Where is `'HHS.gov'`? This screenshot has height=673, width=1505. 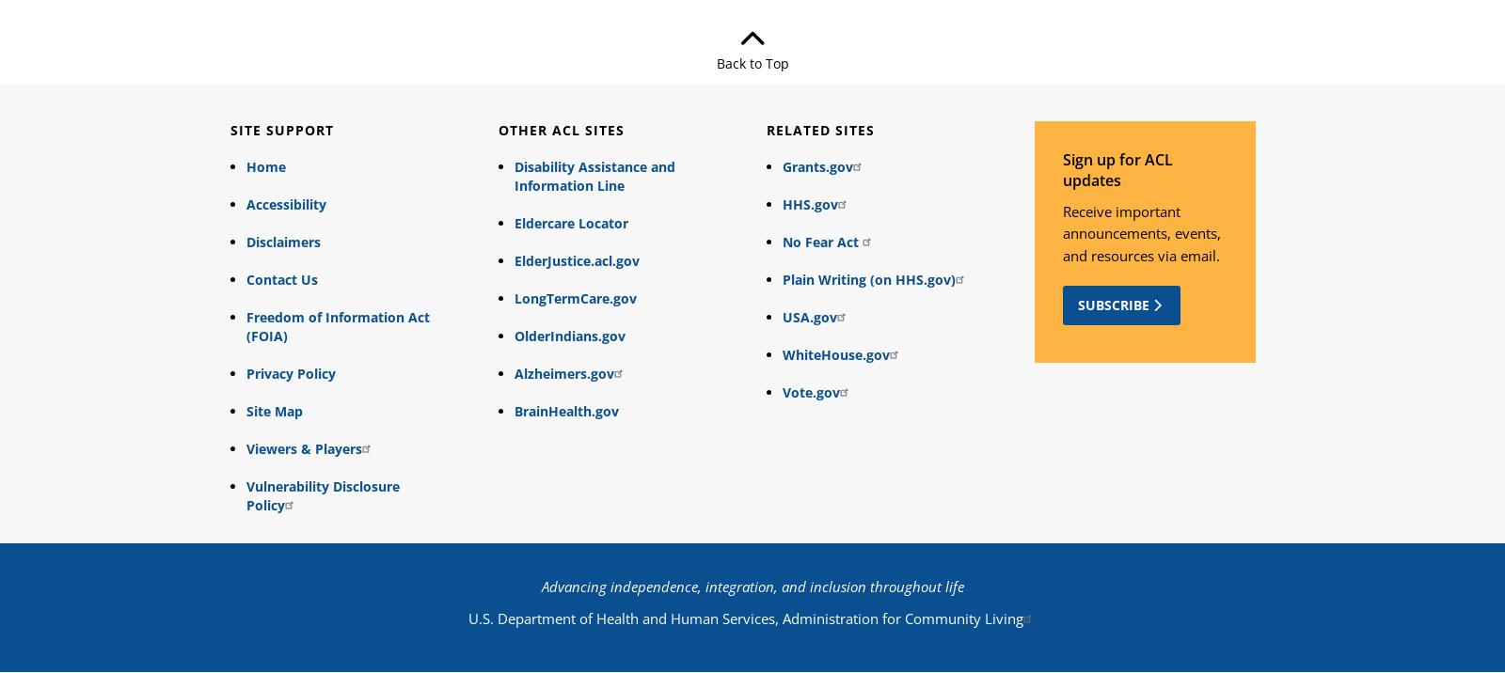
'HHS.gov' is located at coordinates (808, 203).